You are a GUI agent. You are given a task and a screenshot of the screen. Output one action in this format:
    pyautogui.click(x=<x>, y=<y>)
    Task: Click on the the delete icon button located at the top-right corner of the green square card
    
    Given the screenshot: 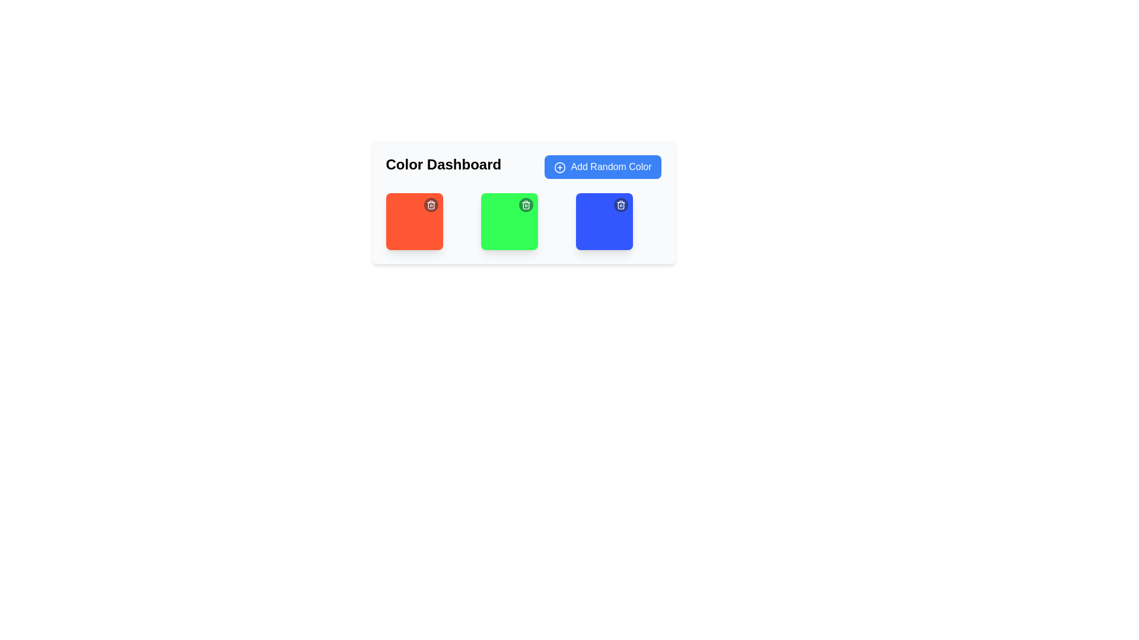 What is the action you would take?
    pyautogui.click(x=525, y=204)
    